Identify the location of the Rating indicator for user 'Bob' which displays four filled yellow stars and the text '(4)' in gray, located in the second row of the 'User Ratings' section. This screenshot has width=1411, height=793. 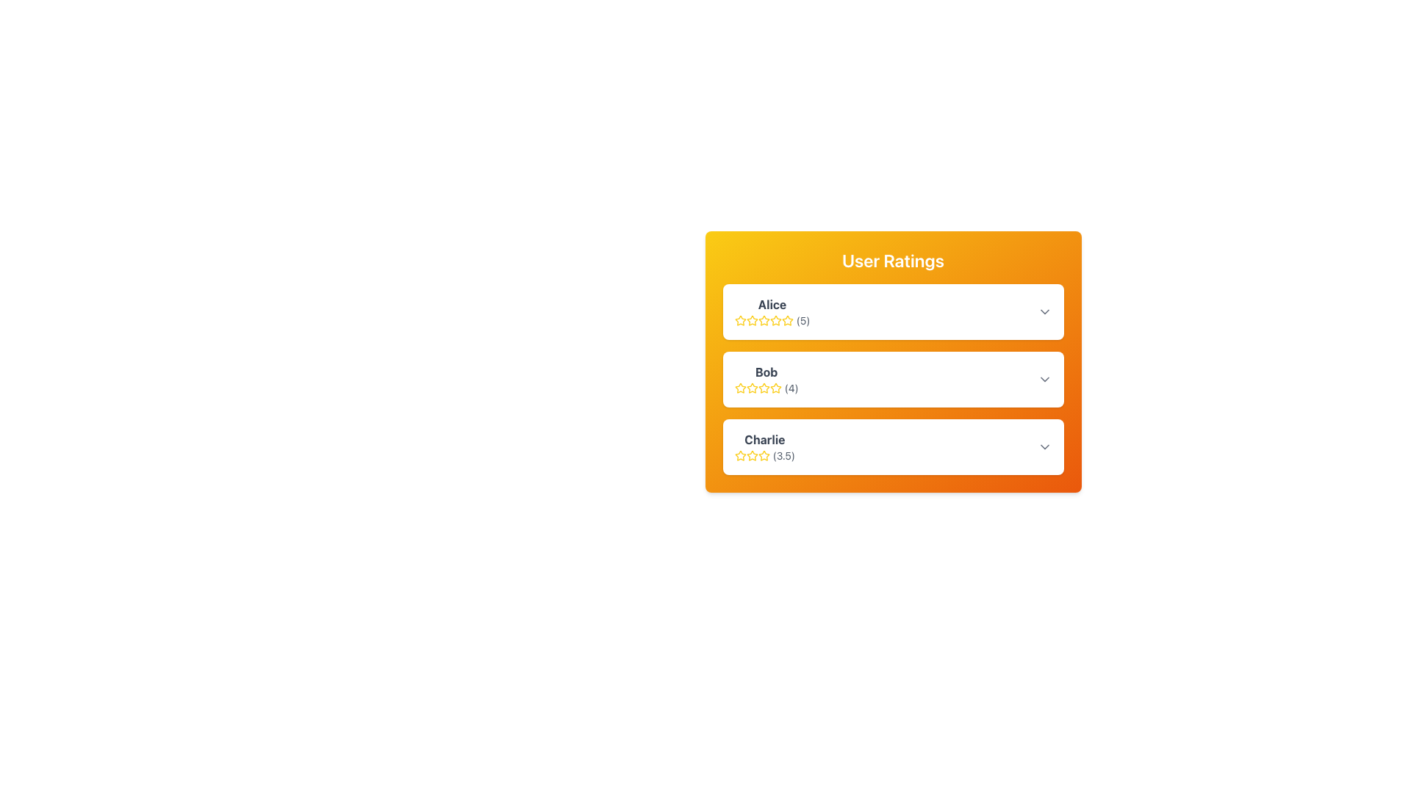
(766, 387).